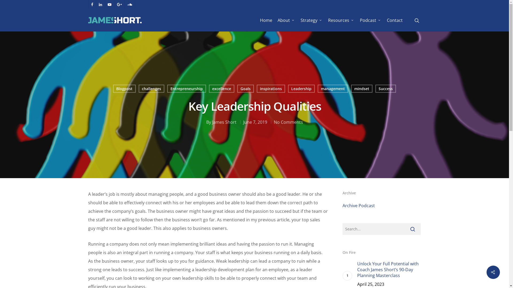  Describe the element at coordinates (124, 88) in the screenshot. I see `'Blogpost'` at that location.